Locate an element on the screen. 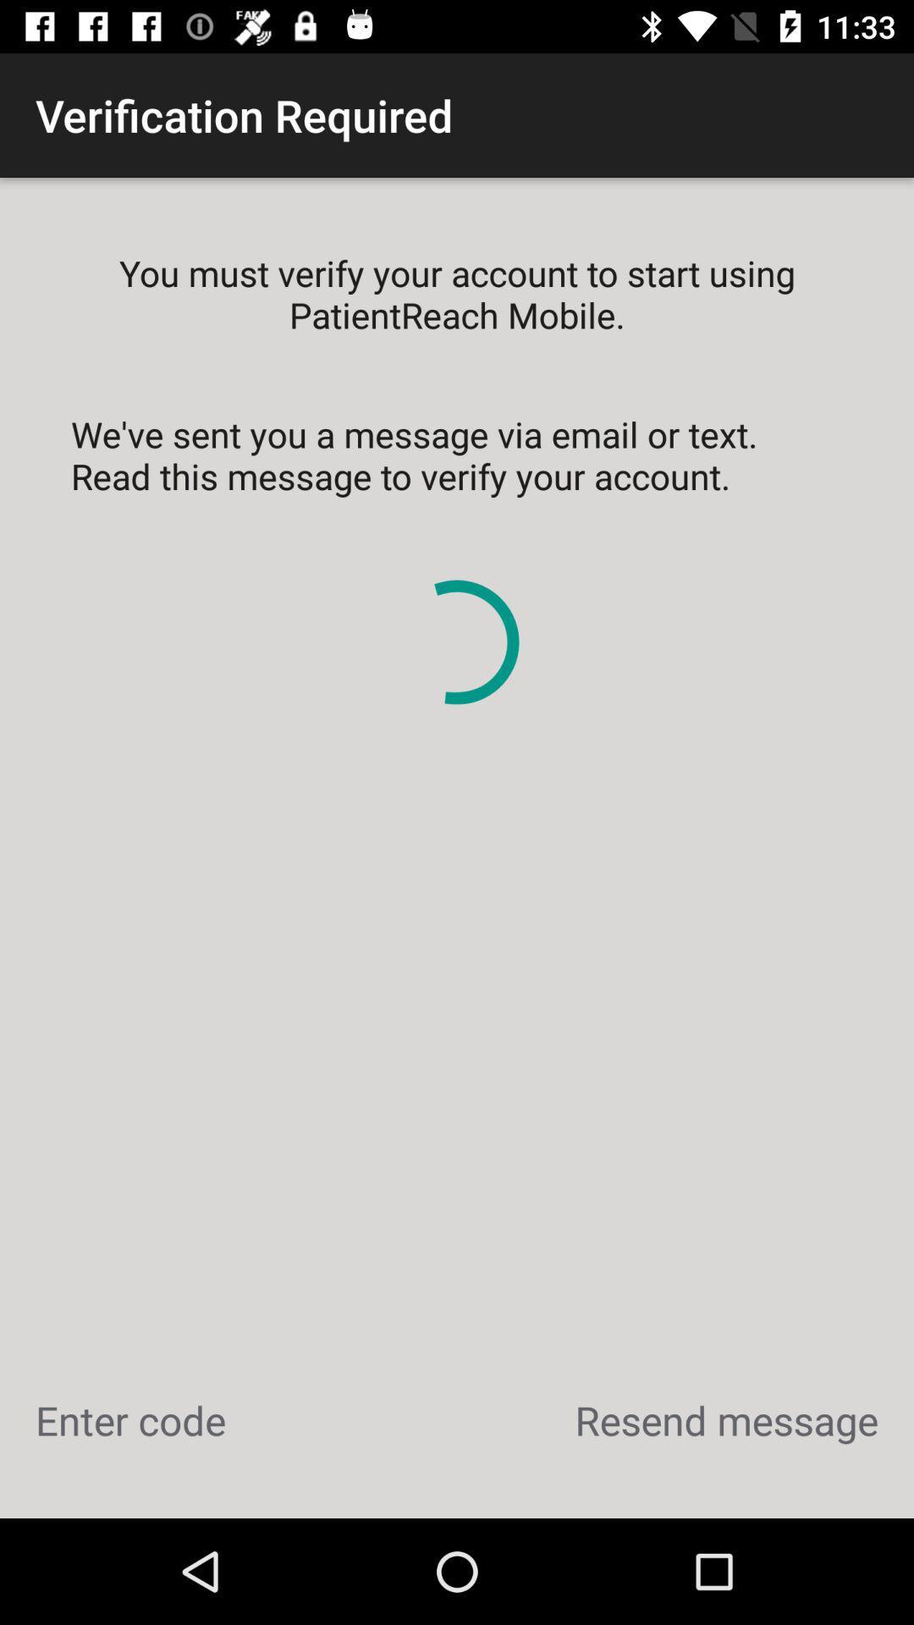  the icon next to resend message item is located at coordinates (129, 1420).